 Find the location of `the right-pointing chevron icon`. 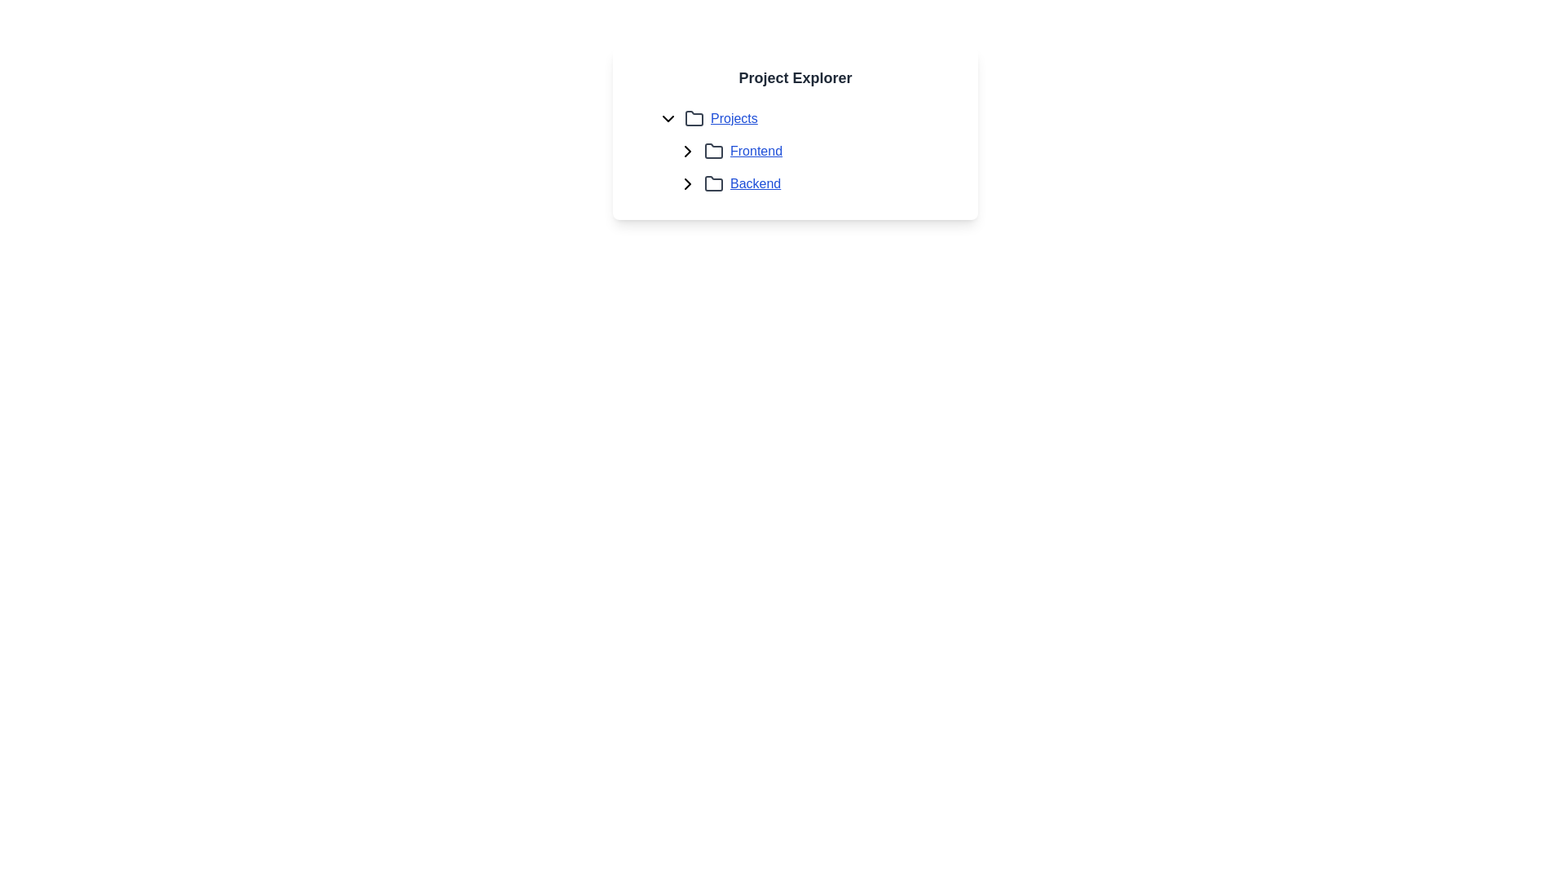

the right-pointing chevron icon is located at coordinates (688, 183).